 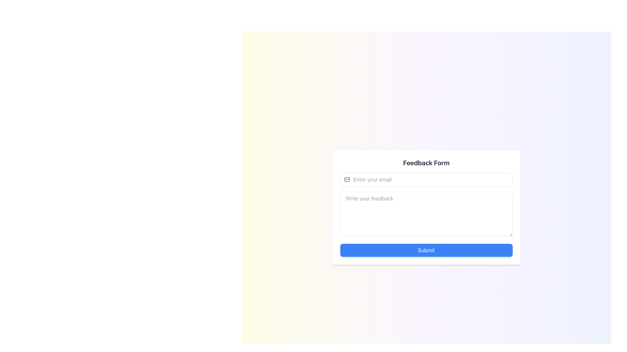 I want to click on the mail envelope icon, which is a gray SVG outline positioned to the left of the 'Enter your email' input field, so click(x=346, y=180).